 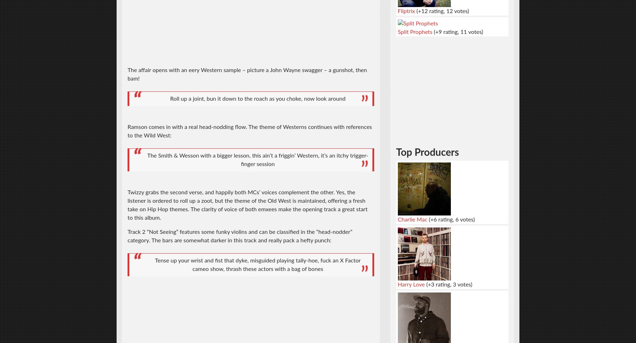 What do you see at coordinates (257, 98) in the screenshot?
I see `'Roll up a joint, bun it down to the roach as you choke, now look around'` at bounding box center [257, 98].